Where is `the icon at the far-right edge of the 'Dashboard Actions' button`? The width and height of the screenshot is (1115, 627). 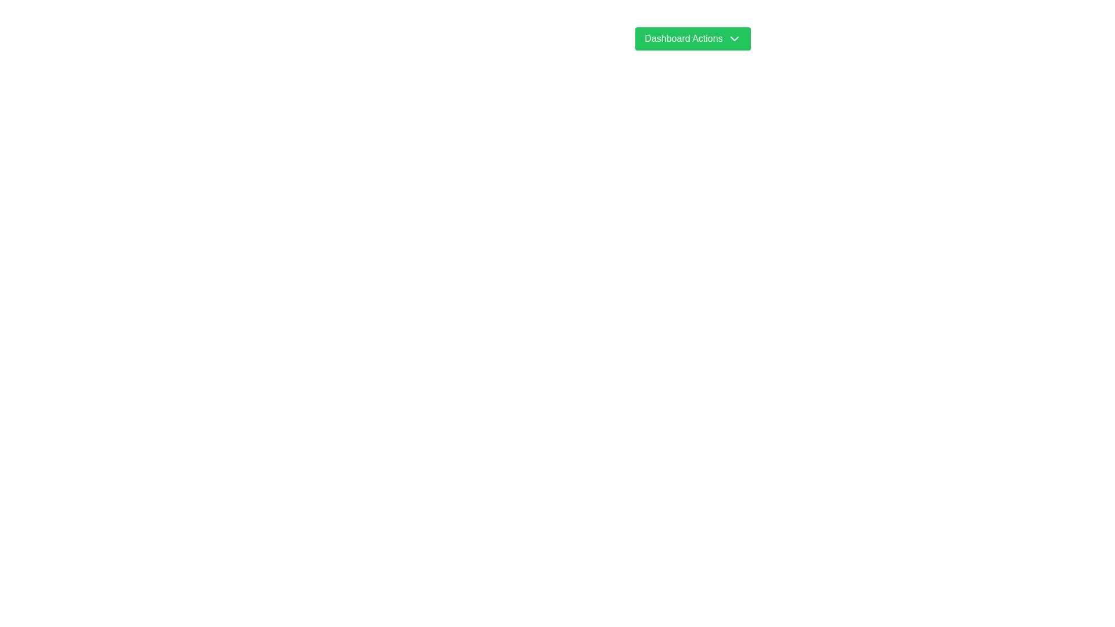
the icon at the far-right edge of the 'Dashboard Actions' button is located at coordinates (733, 38).